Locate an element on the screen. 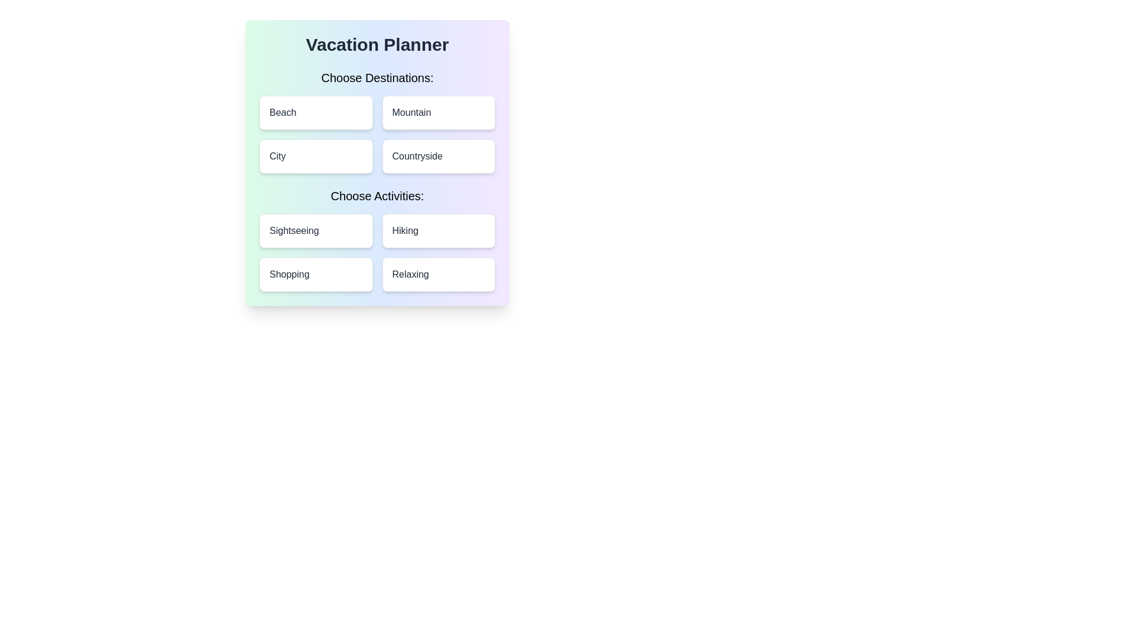 This screenshot has width=1135, height=638. static text label that serves as a header for the destination options, which reads 'Choose Destinations:' is located at coordinates (377, 77).